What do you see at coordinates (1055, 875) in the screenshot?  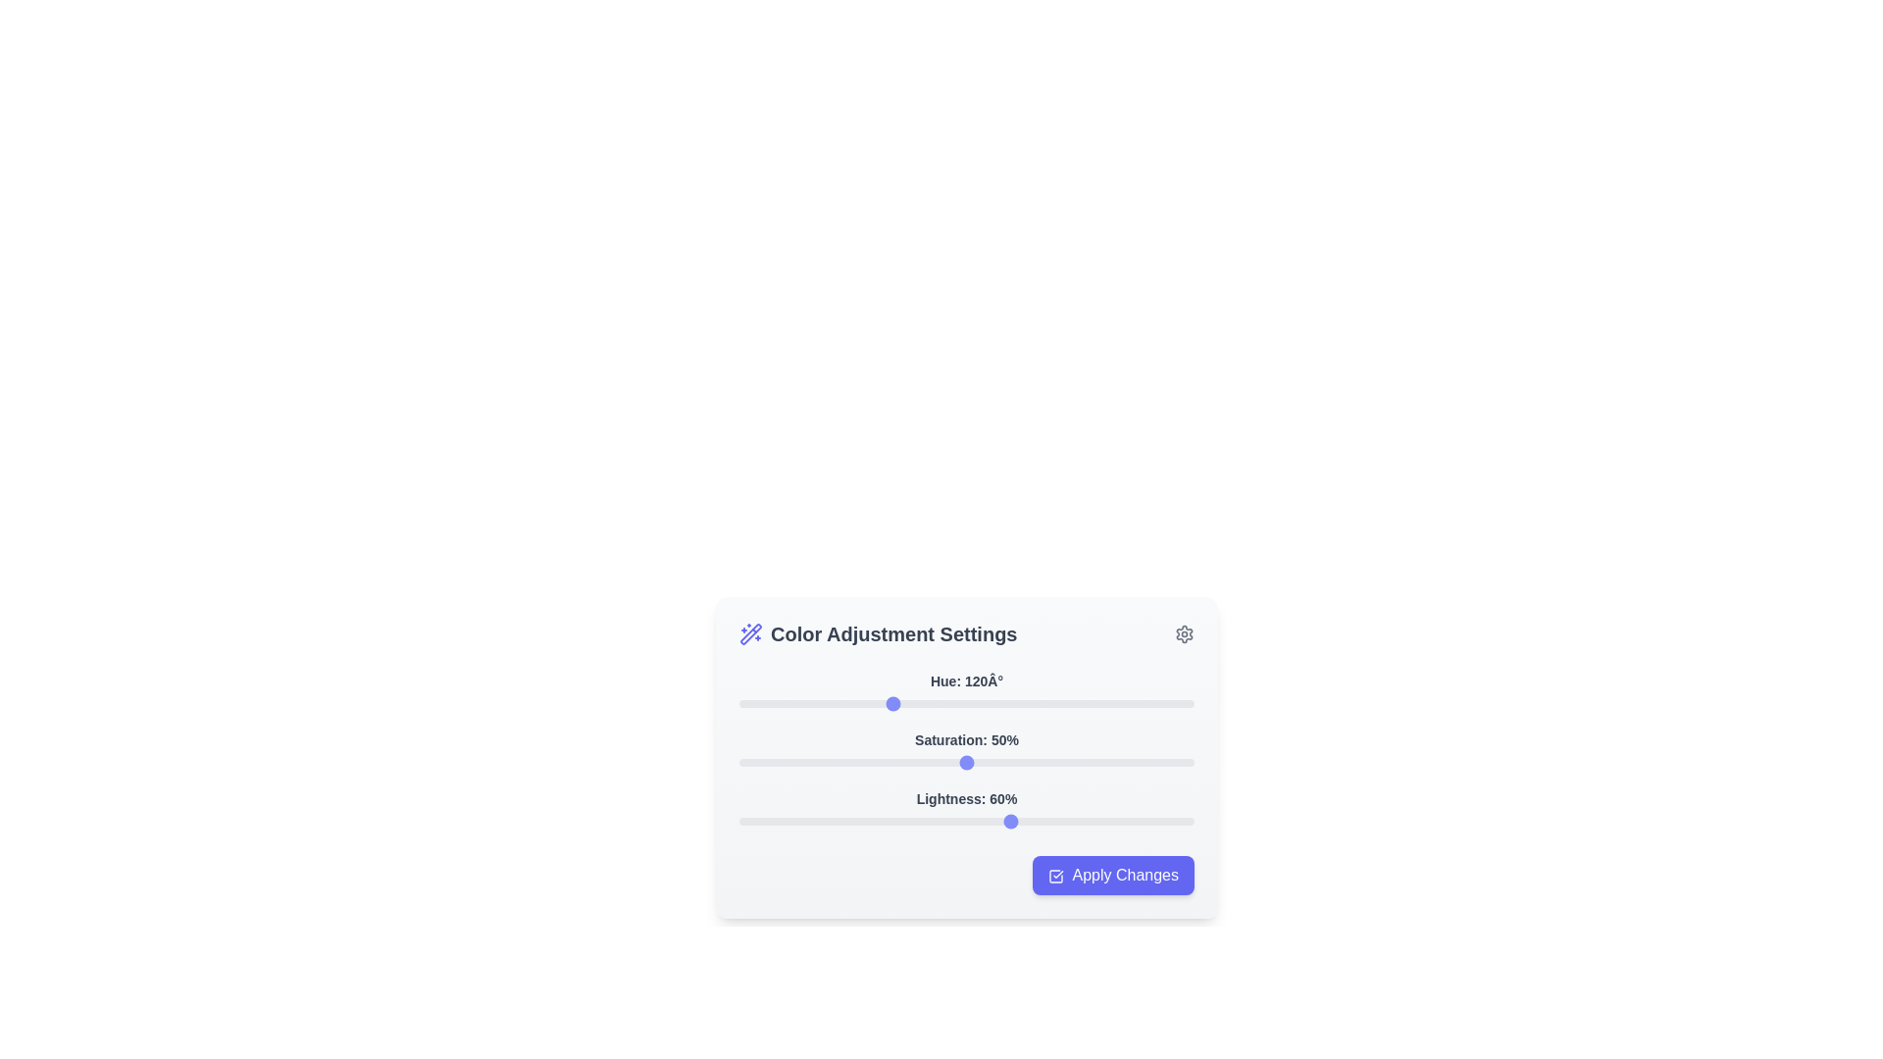 I see `the 'Apply Changes' icon located in the bottom-right corner of the 'Color Adjustment Settings' panel` at bounding box center [1055, 875].